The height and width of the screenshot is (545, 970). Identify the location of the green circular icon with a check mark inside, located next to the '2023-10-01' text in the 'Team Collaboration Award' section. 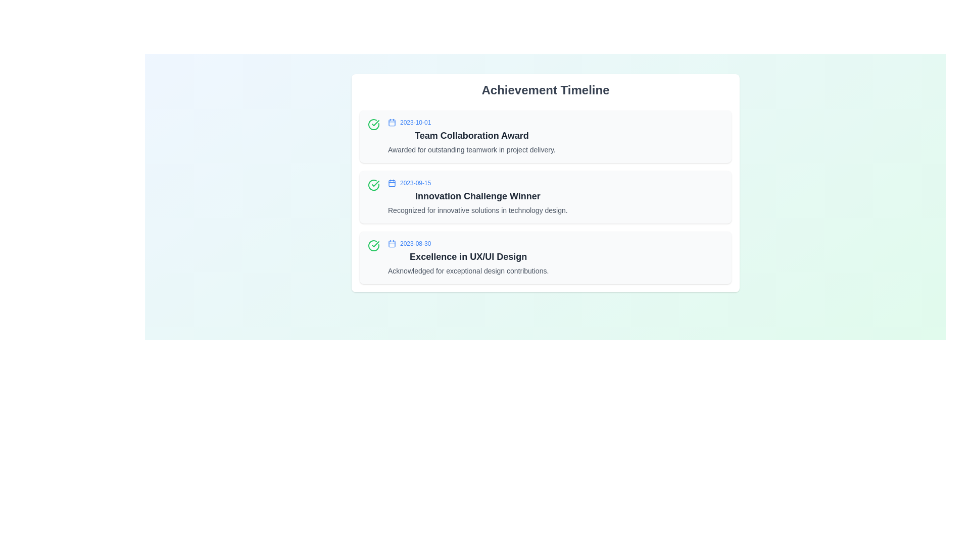
(373, 124).